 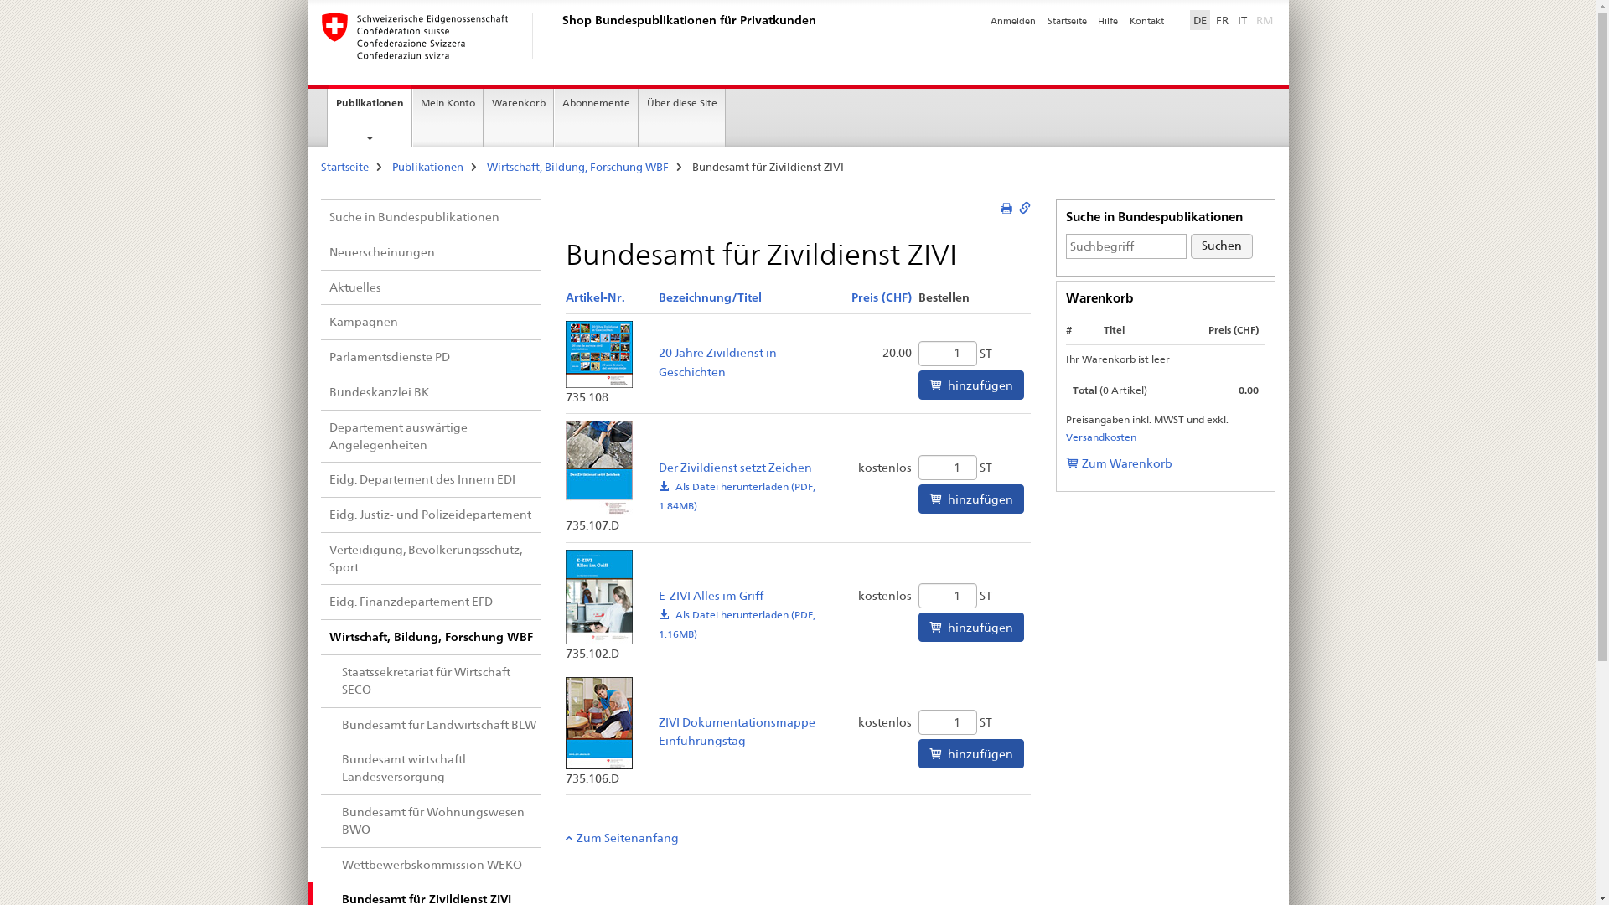 I want to click on 'RM, so click(x=1263, y=19).